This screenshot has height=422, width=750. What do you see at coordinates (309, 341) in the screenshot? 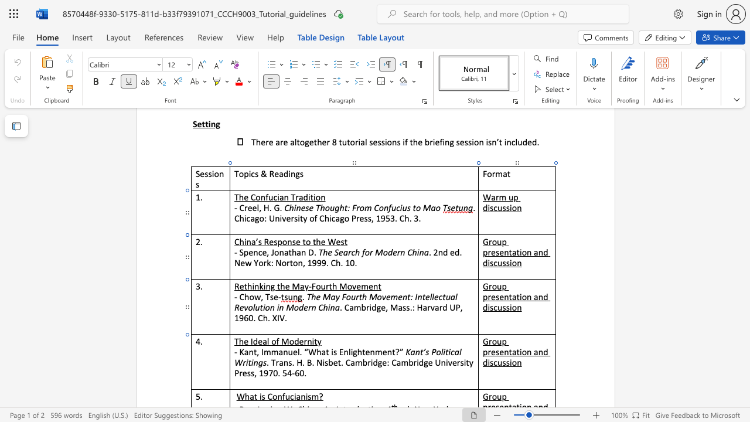
I see `the 1th character "n" in the text` at bounding box center [309, 341].